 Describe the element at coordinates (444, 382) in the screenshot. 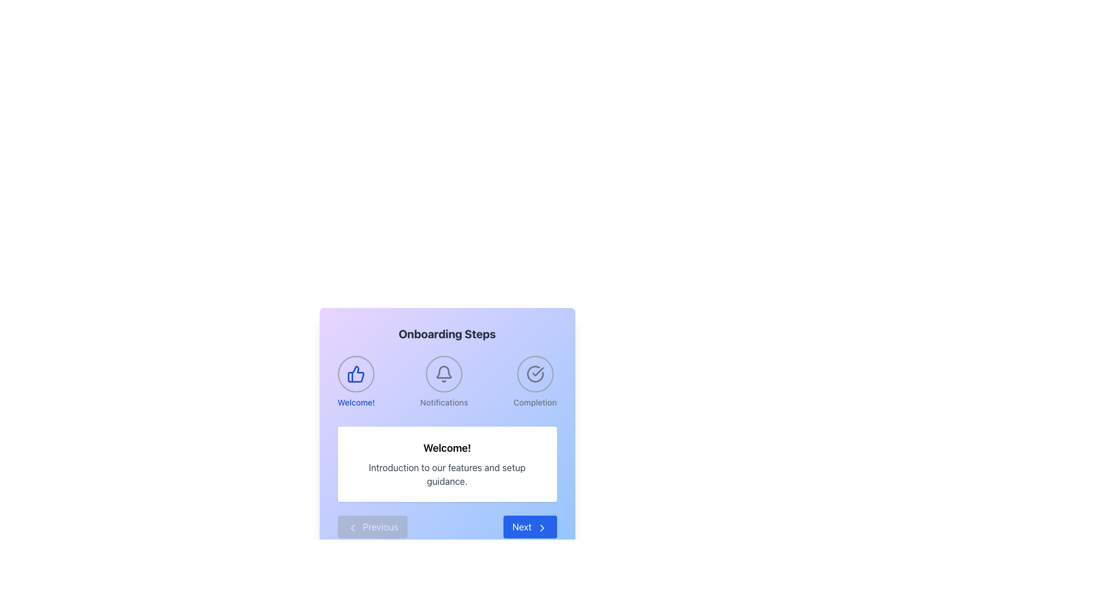

I see `the notification icon located between the 'Welcome!' and 'Completion' elements` at that location.